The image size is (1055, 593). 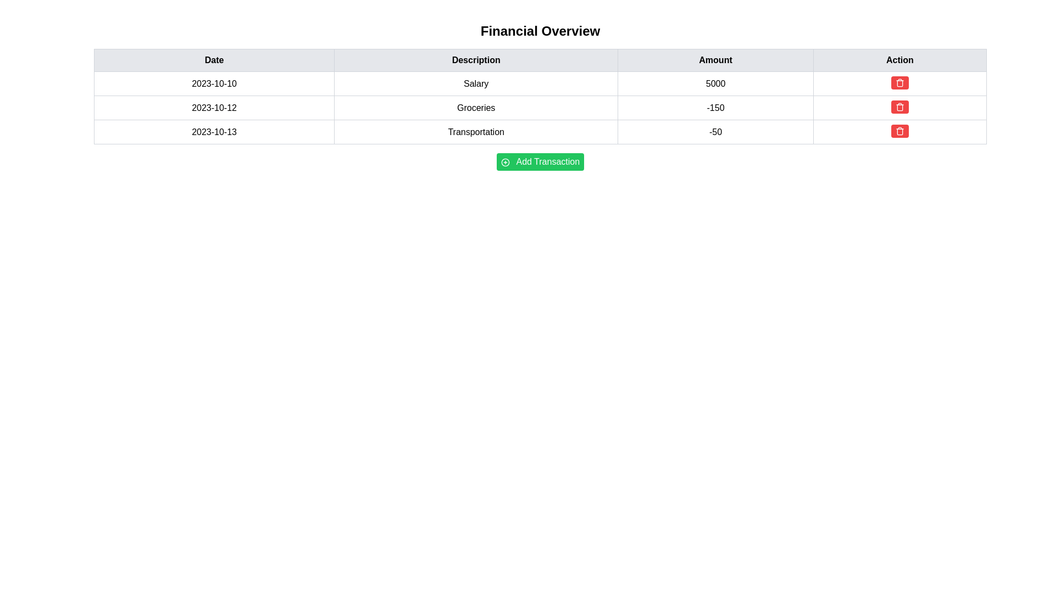 What do you see at coordinates (540, 83) in the screenshot?
I see `the first row of the financial transaction table that includes the date '2023-10-10', description 'Salary', and amount '5000'` at bounding box center [540, 83].